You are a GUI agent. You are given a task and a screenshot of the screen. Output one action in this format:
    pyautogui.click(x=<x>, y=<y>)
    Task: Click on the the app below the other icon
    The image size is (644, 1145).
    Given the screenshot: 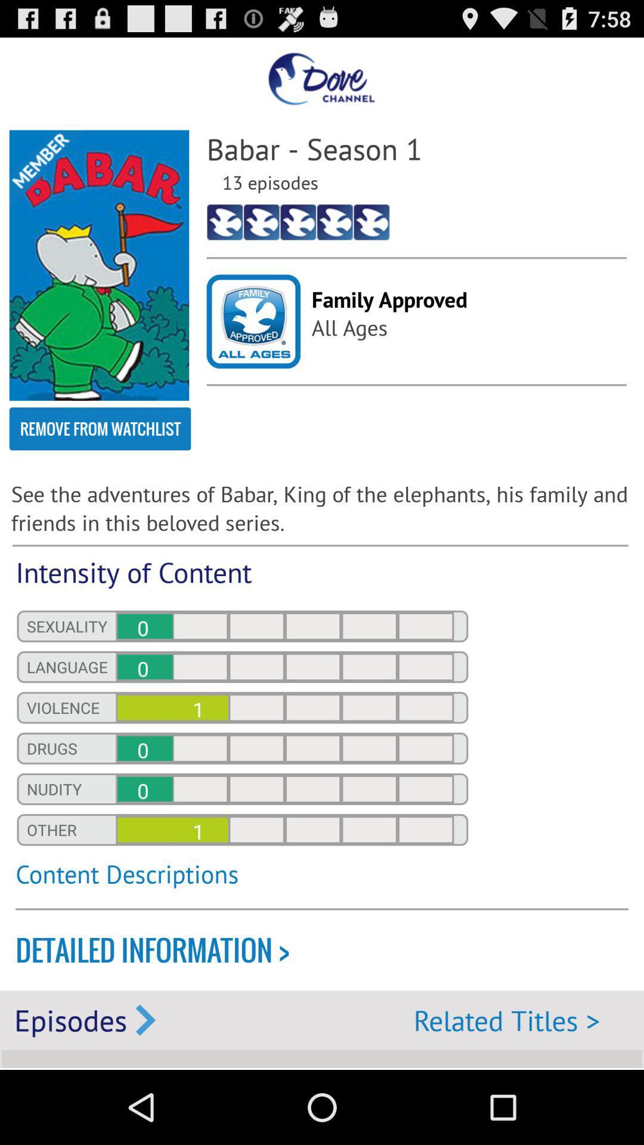 What is the action you would take?
    pyautogui.click(x=241, y=881)
    